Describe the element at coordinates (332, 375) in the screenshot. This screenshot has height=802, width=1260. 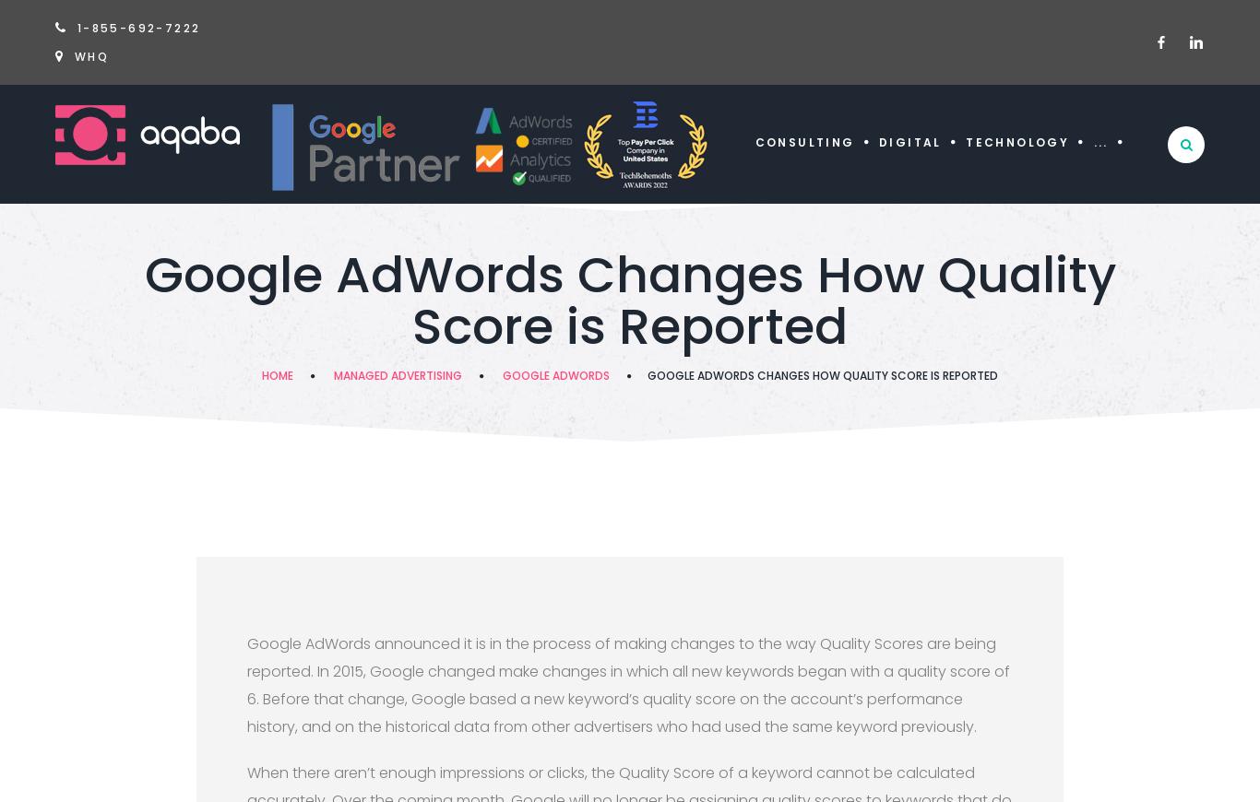
I see `'Managed Advertising'` at that location.